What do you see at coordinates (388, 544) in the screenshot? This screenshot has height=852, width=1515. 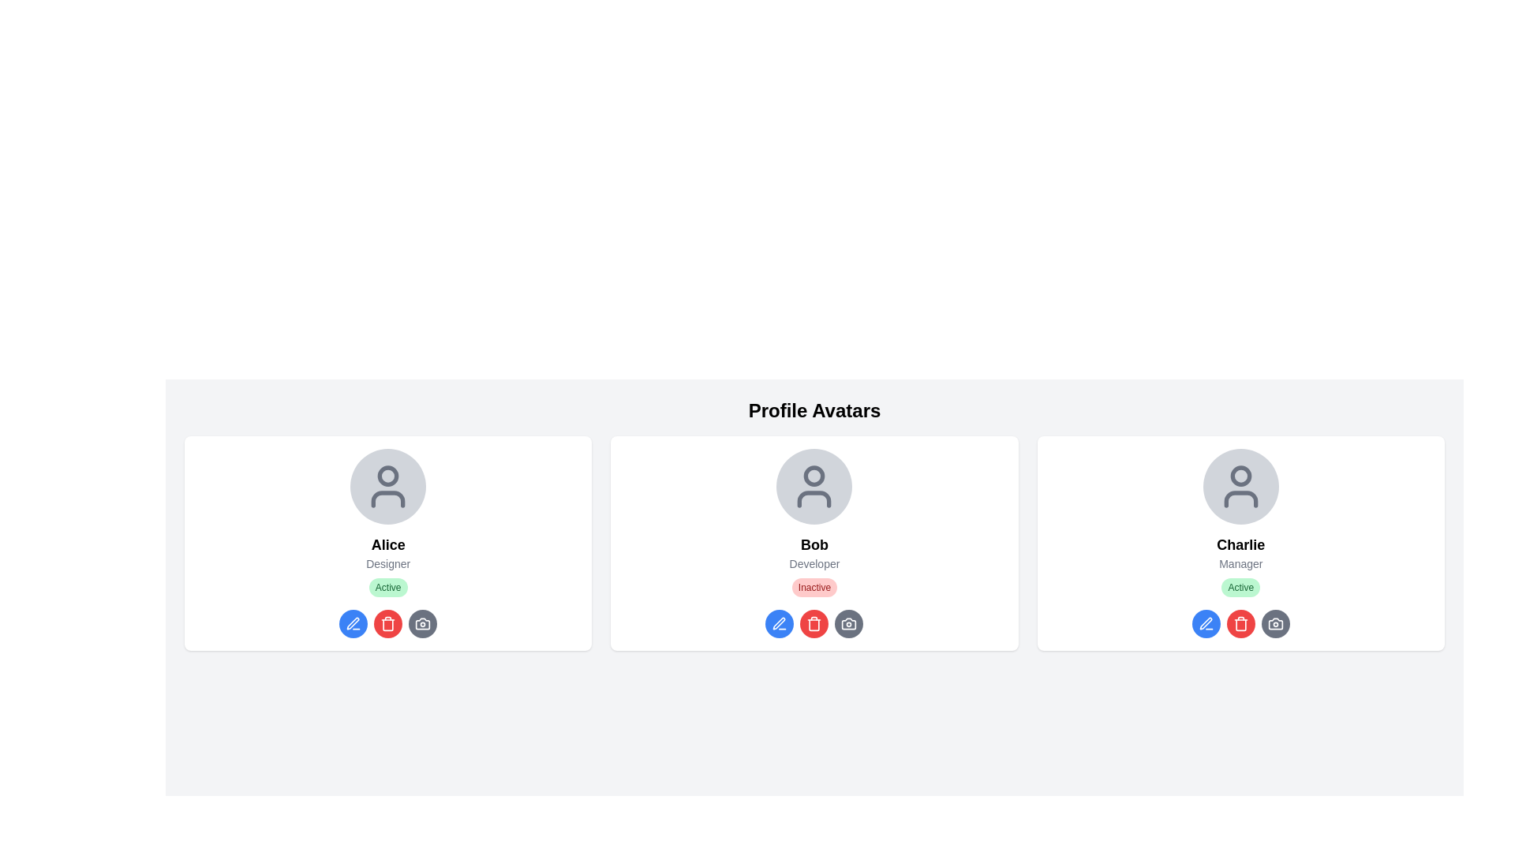 I see `the text label displaying 'Alice', which is located in the middle of the profile card` at bounding box center [388, 544].